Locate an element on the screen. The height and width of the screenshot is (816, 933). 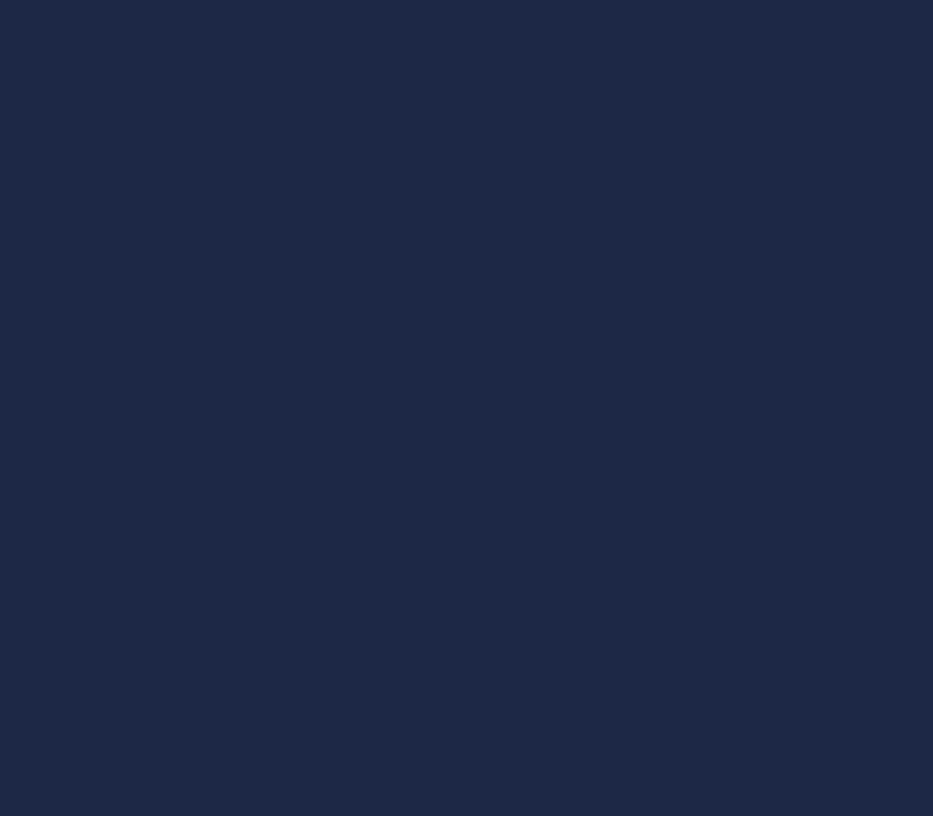
'SHARE! and the author will get a' is located at coordinates (513, 363).